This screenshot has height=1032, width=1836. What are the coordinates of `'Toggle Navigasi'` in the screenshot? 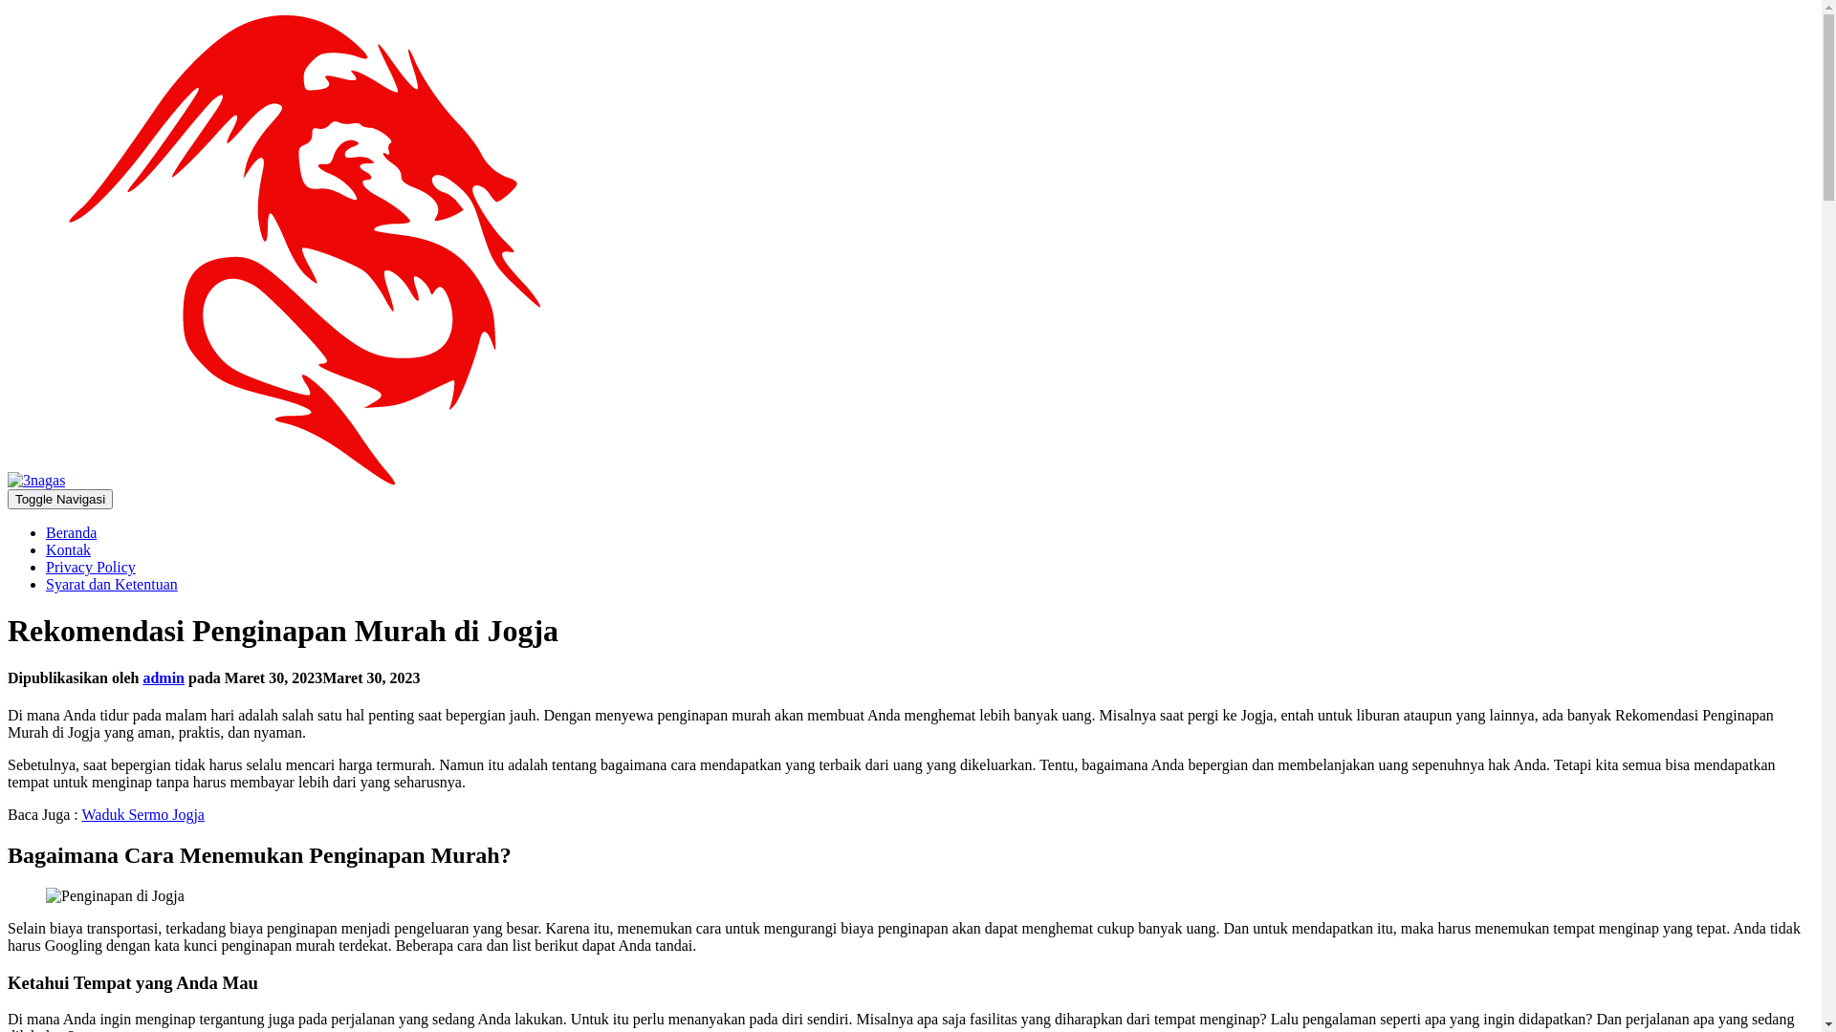 It's located at (59, 498).